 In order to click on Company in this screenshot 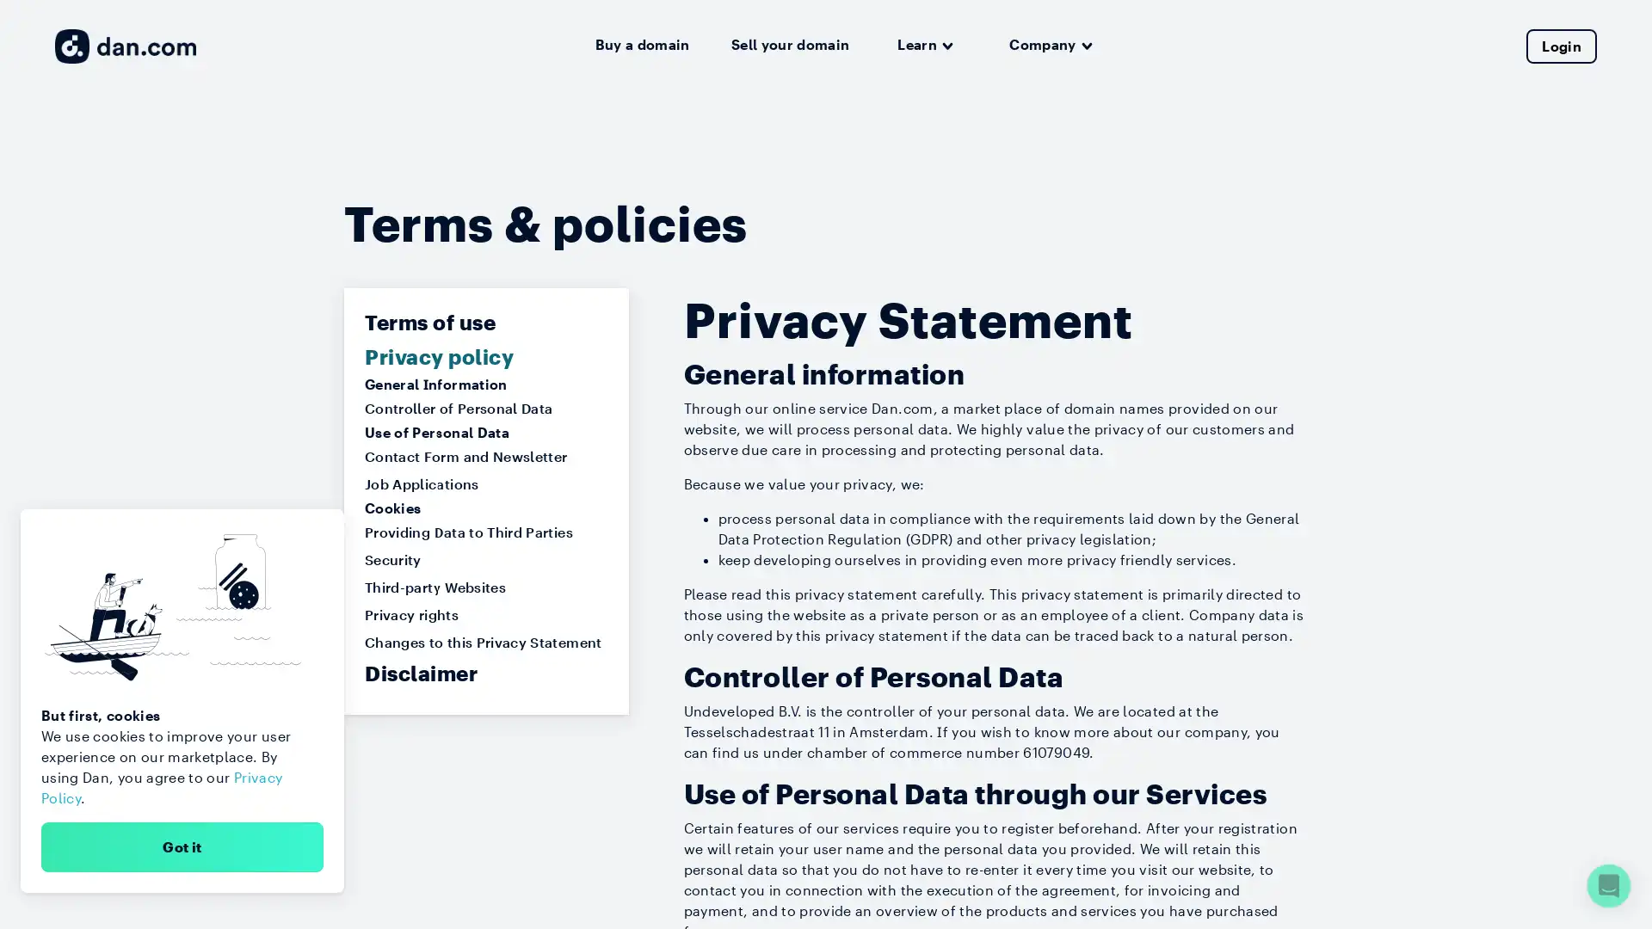, I will do `click(1050, 45)`.